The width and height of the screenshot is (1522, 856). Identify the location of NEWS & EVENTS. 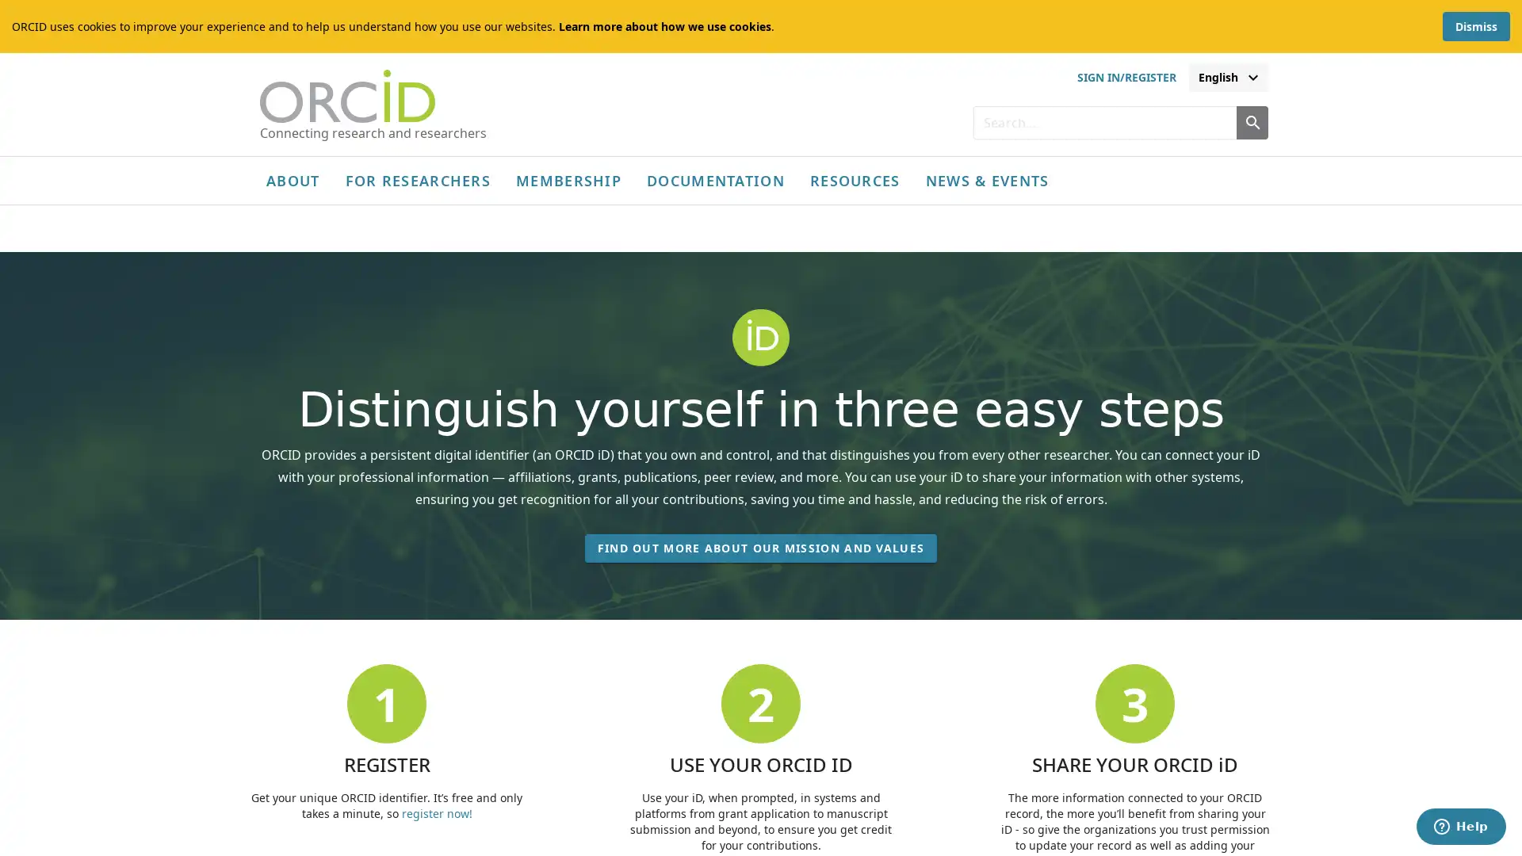
(985, 179).